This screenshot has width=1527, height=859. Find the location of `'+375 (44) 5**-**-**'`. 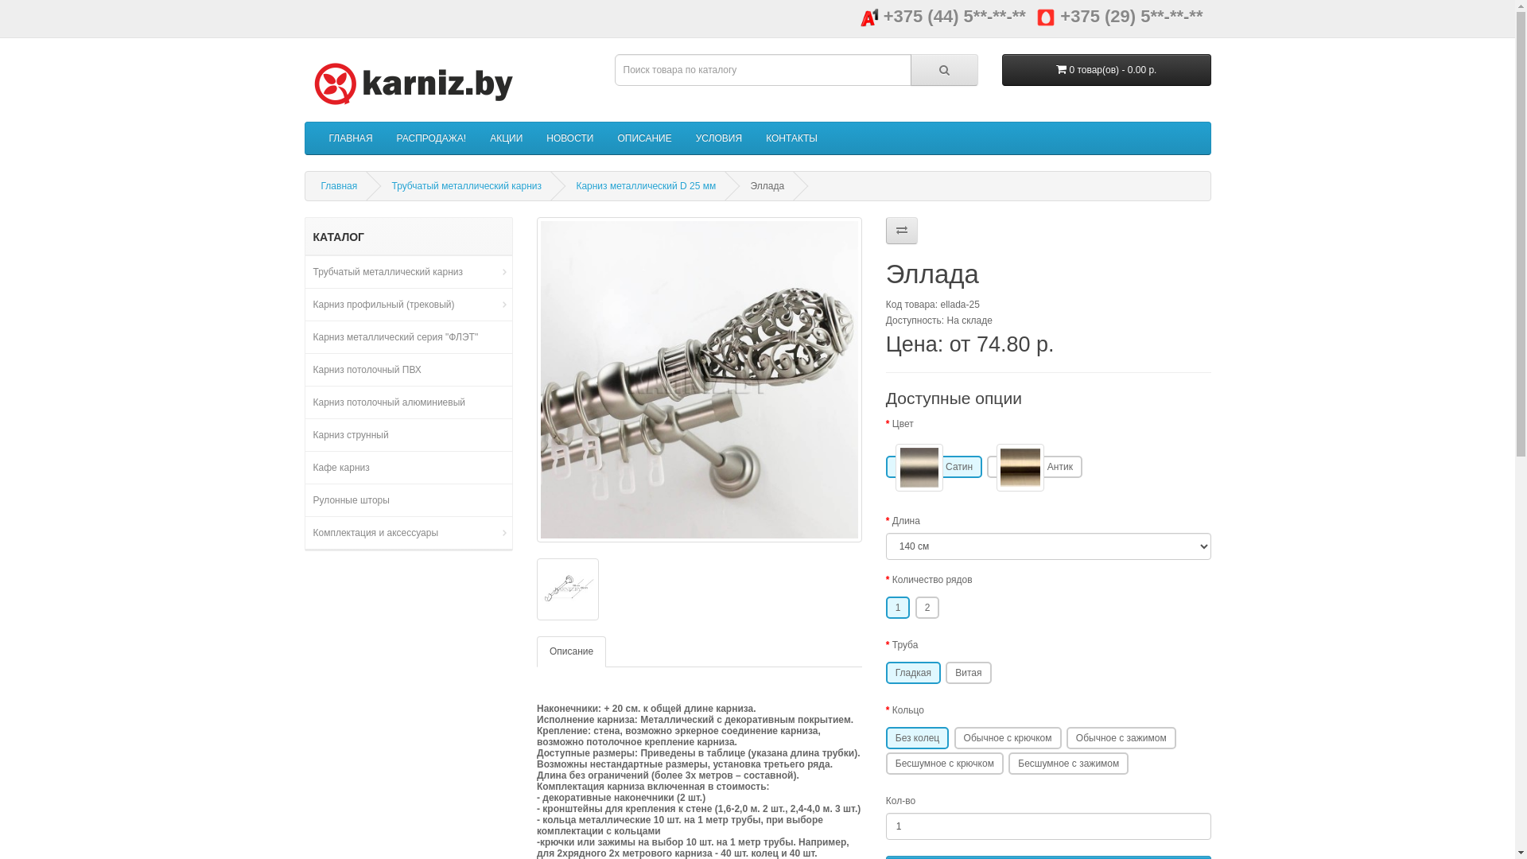

'+375 (44) 5**-**-**' is located at coordinates (942, 16).